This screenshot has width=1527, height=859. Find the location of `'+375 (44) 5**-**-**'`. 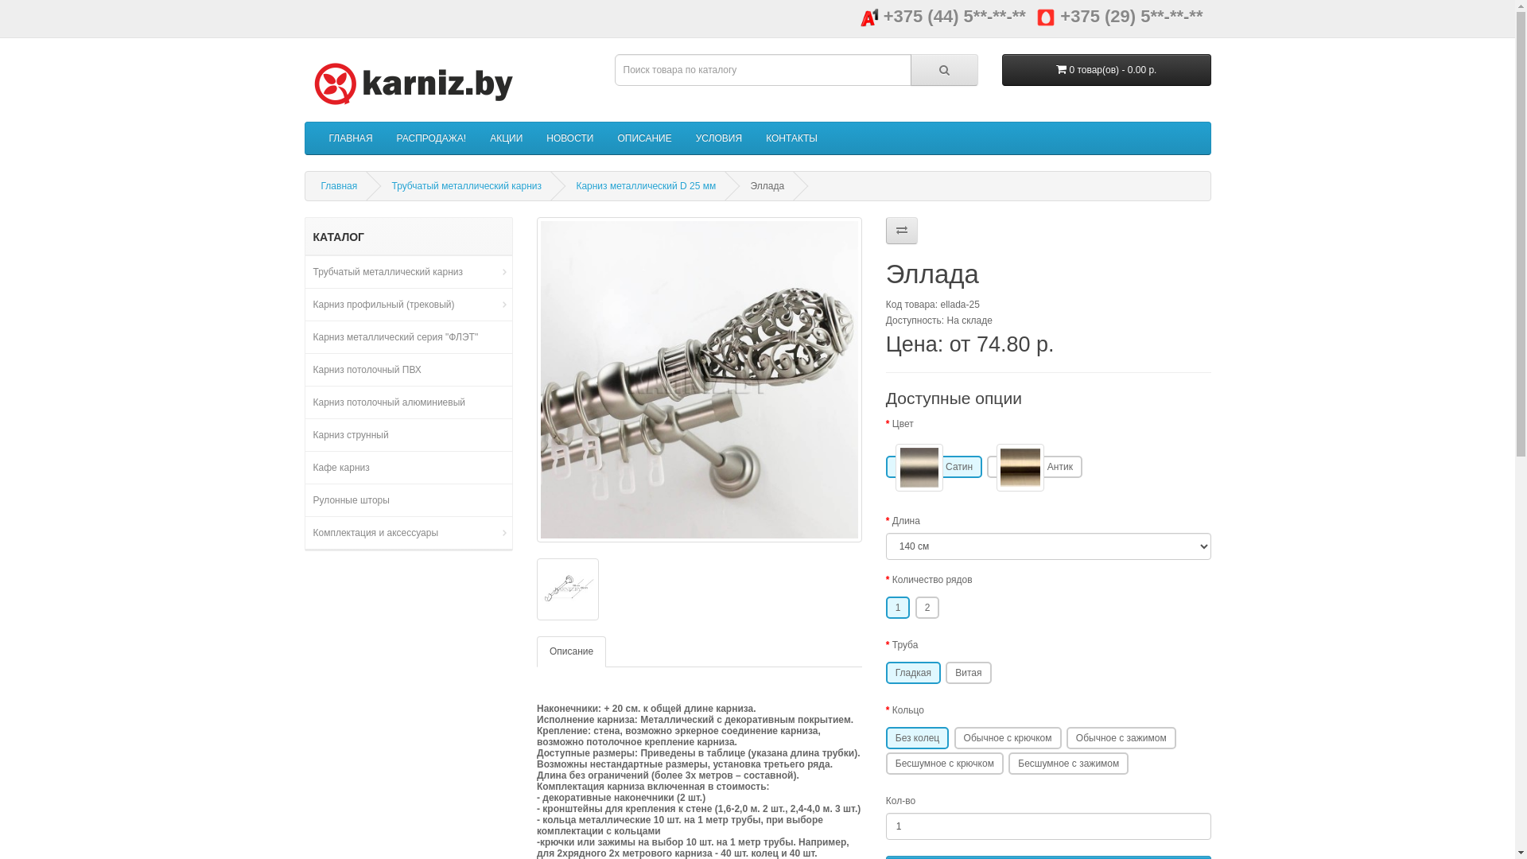

'+375 (44) 5**-**-**' is located at coordinates (942, 16).